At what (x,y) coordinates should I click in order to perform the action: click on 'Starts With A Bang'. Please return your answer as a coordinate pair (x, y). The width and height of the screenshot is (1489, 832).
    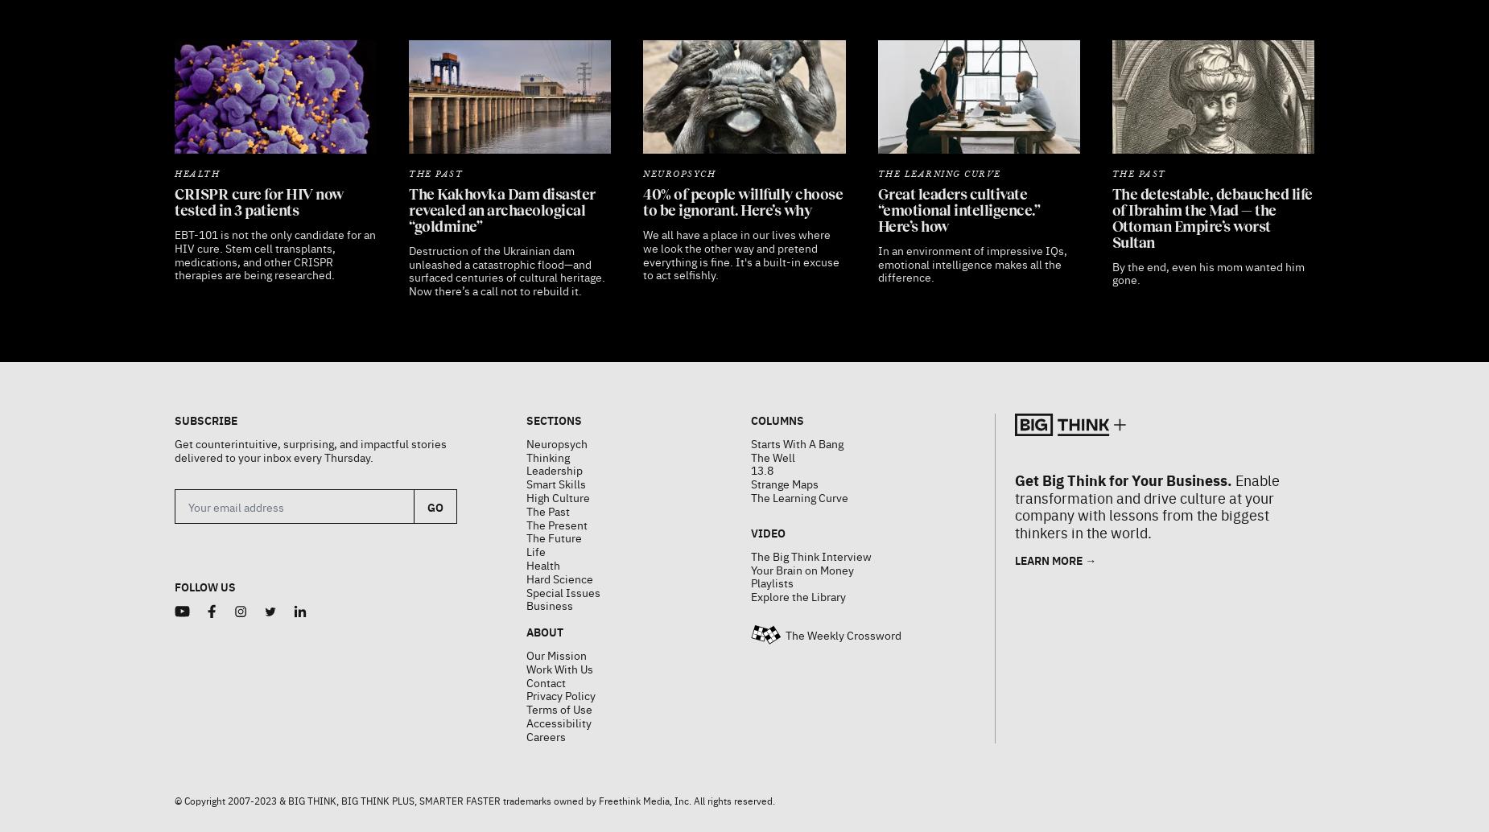
    Looking at the image, I should click on (749, 402).